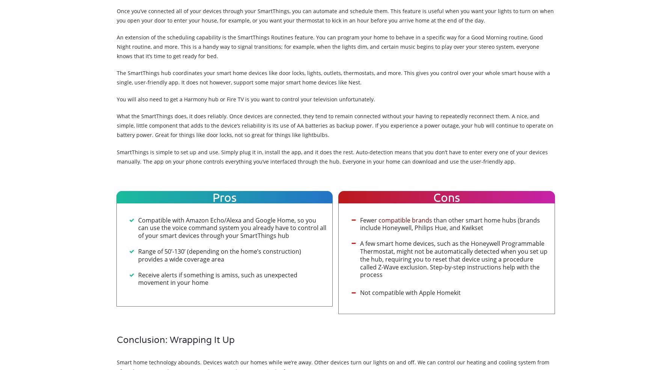 The height and width of the screenshot is (370, 671). I want to click on 'Compatible with Amazon Echo/Alexa and Google Home, so you can use the voice command system you already have to control all of your smart devices through your SmartThings hub', so click(231, 227).